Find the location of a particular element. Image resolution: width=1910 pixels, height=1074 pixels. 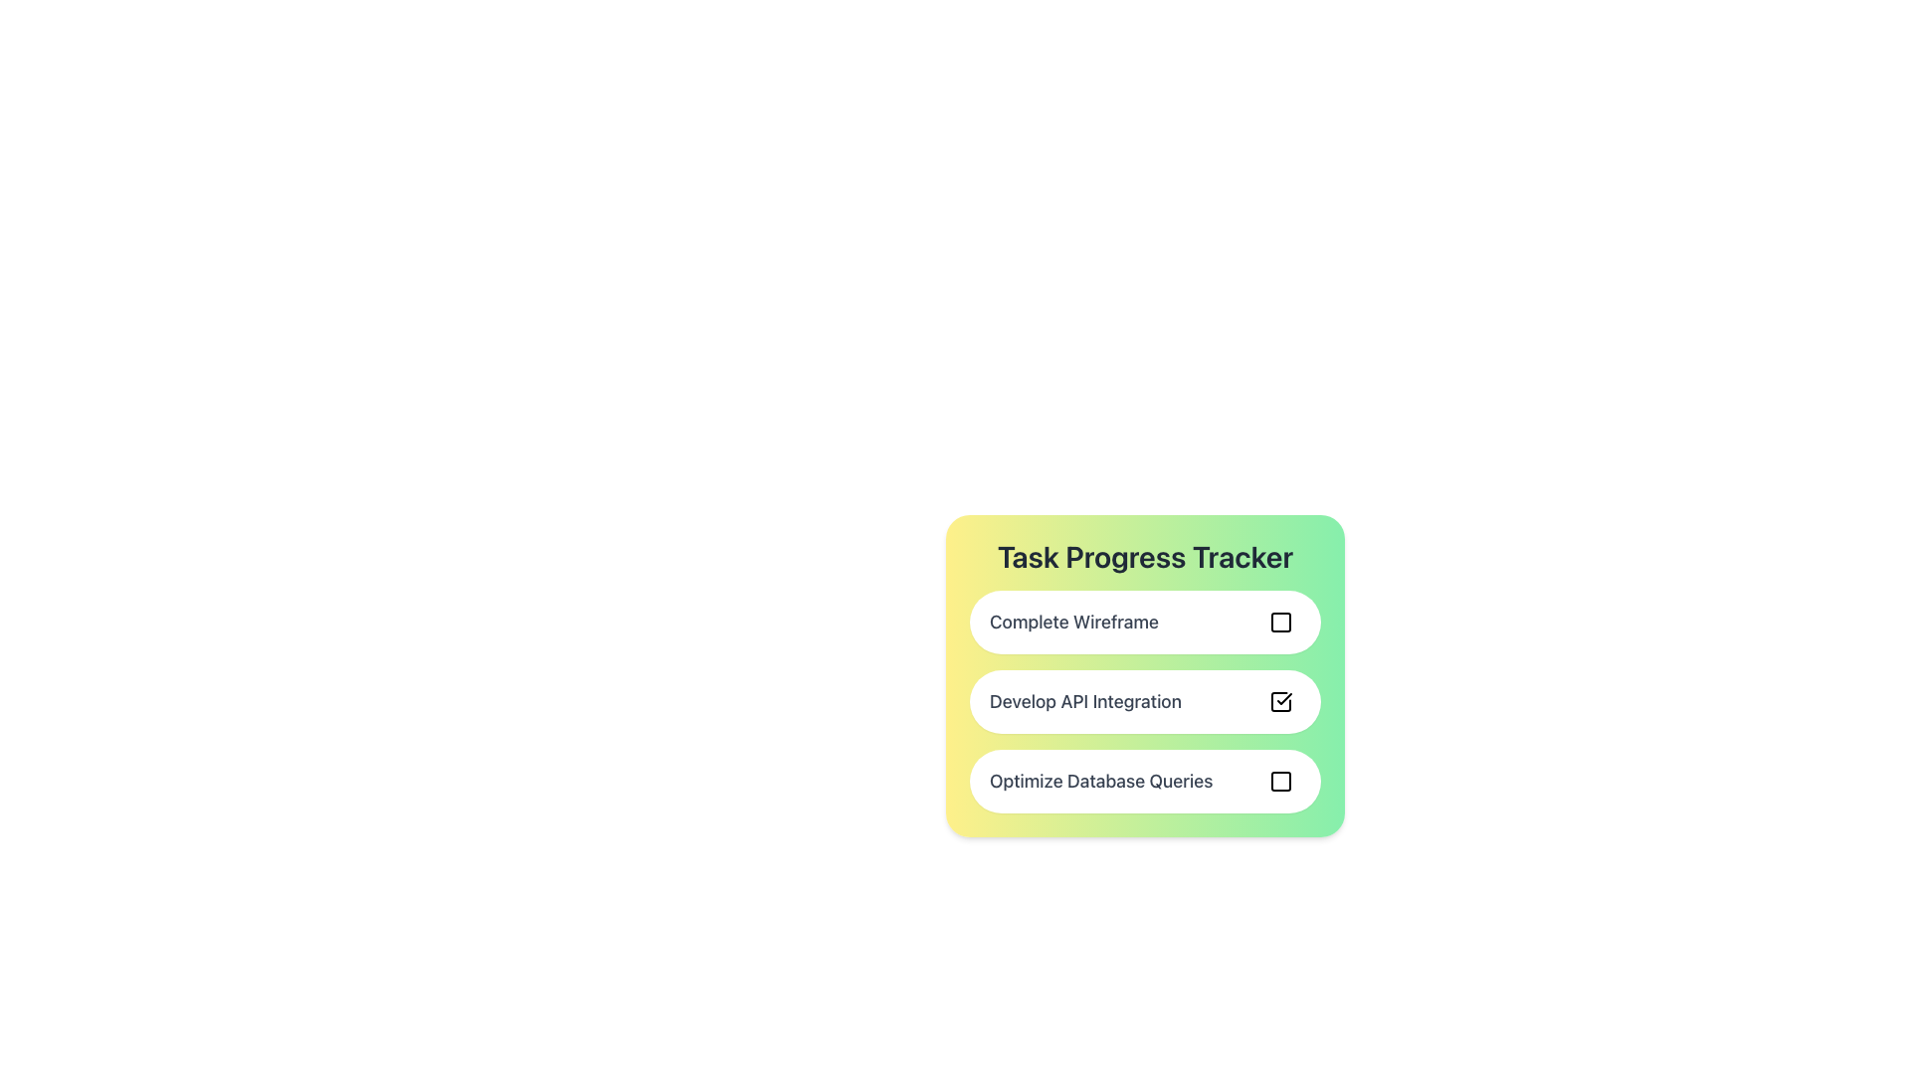

the task progress tracker for 'Develop API Integration' is located at coordinates (1145, 674).